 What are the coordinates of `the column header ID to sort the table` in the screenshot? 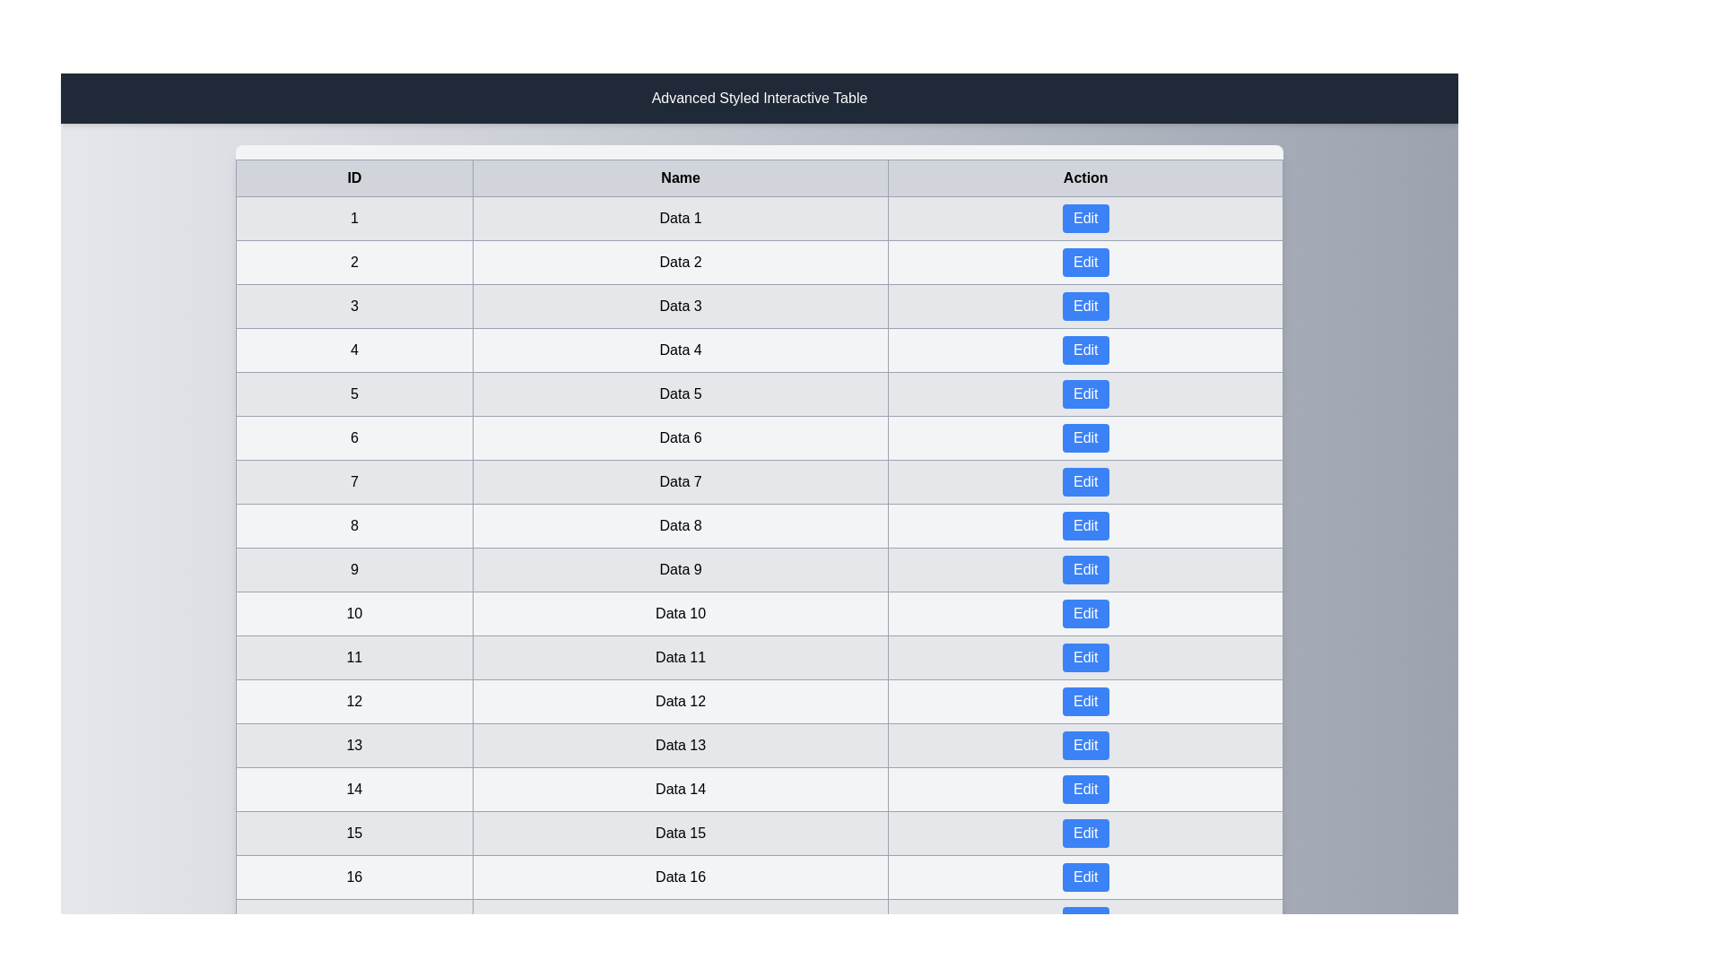 It's located at (354, 178).